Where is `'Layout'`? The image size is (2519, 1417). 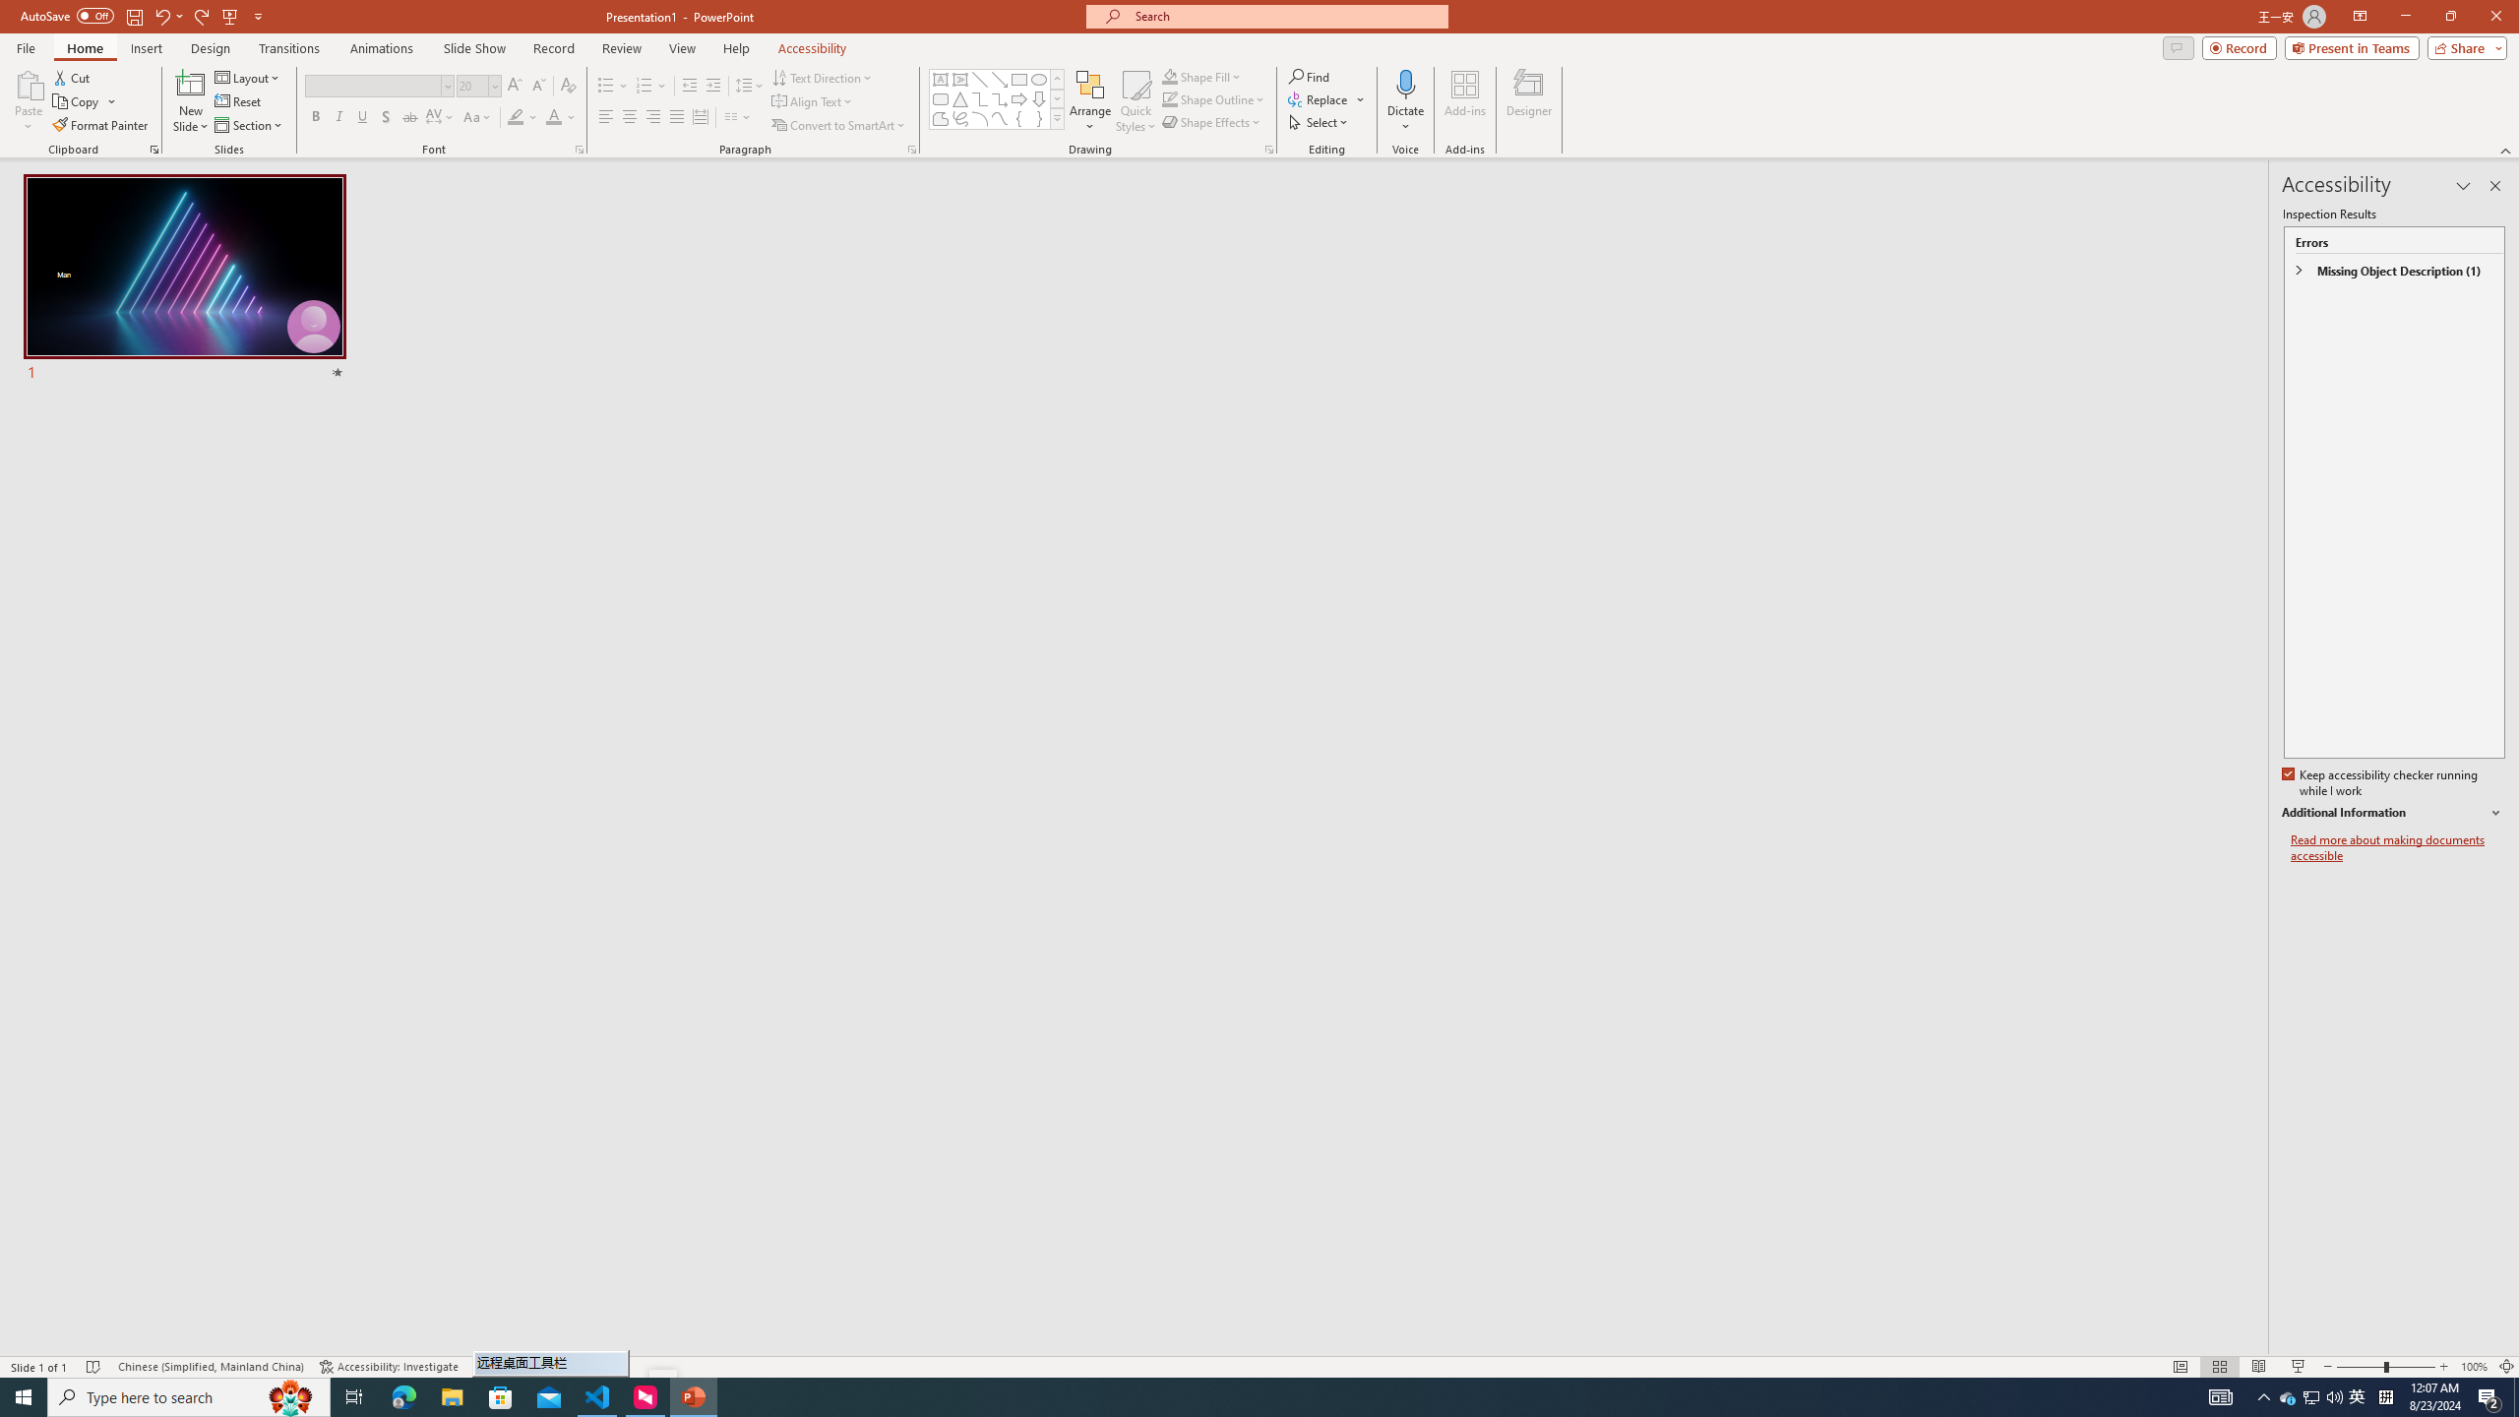
'Layout' is located at coordinates (248, 77).